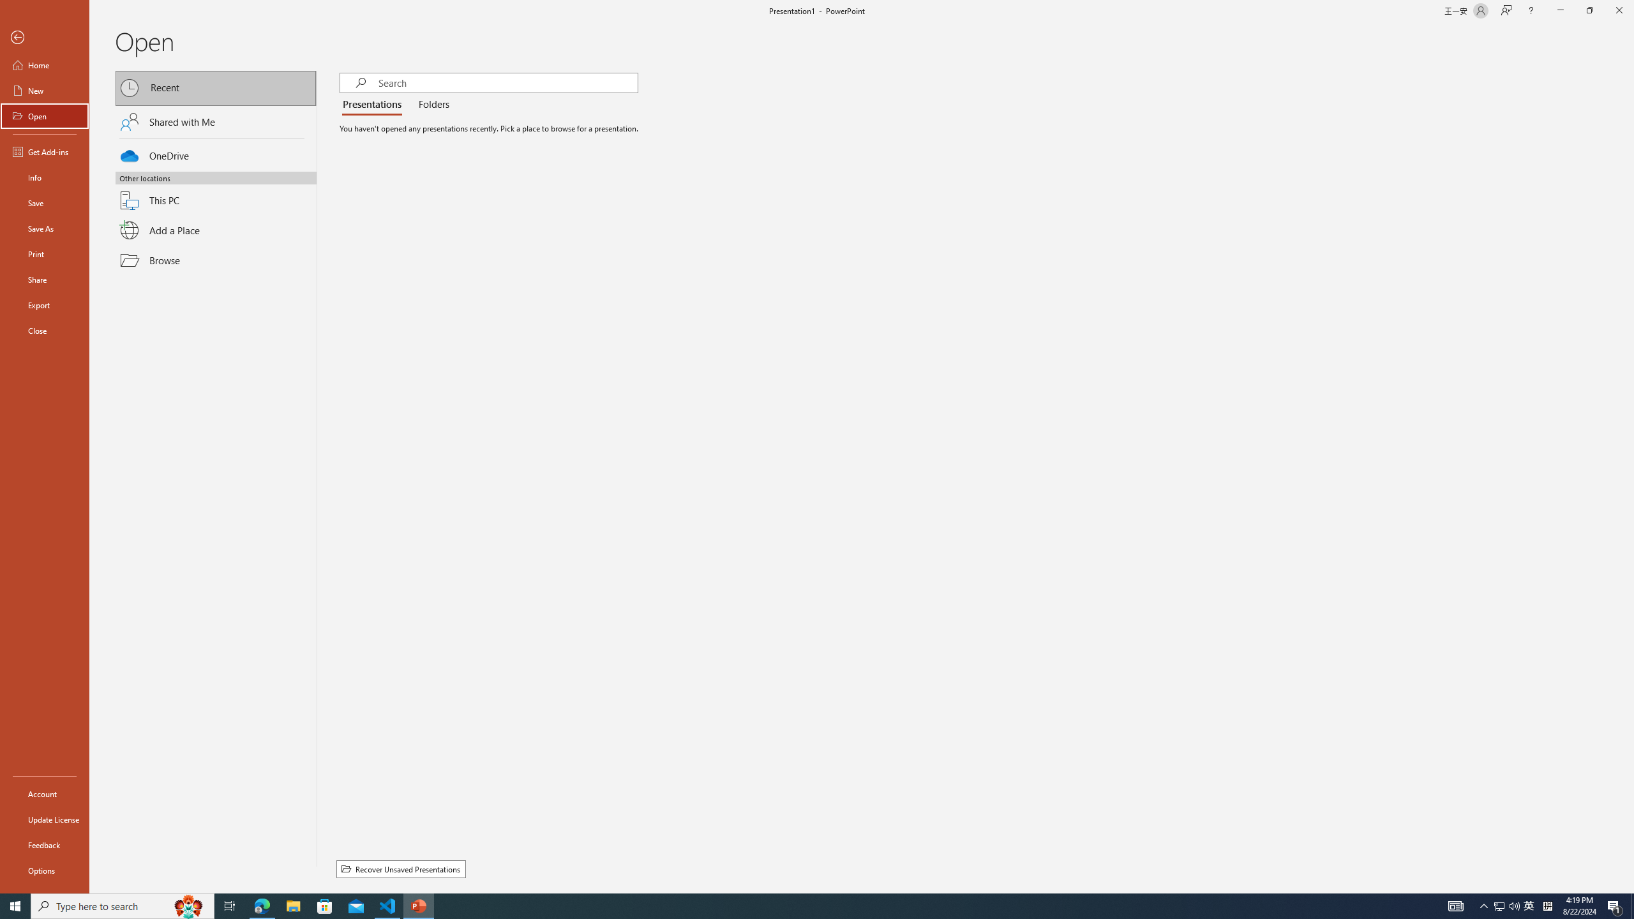 Image resolution: width=1634 pixels, height=919 pixels. What do you see at coordinates (400, 869) in the screenshot?
I see `'Recover Unsaved Presentations'` at bounding box center [400, 869].